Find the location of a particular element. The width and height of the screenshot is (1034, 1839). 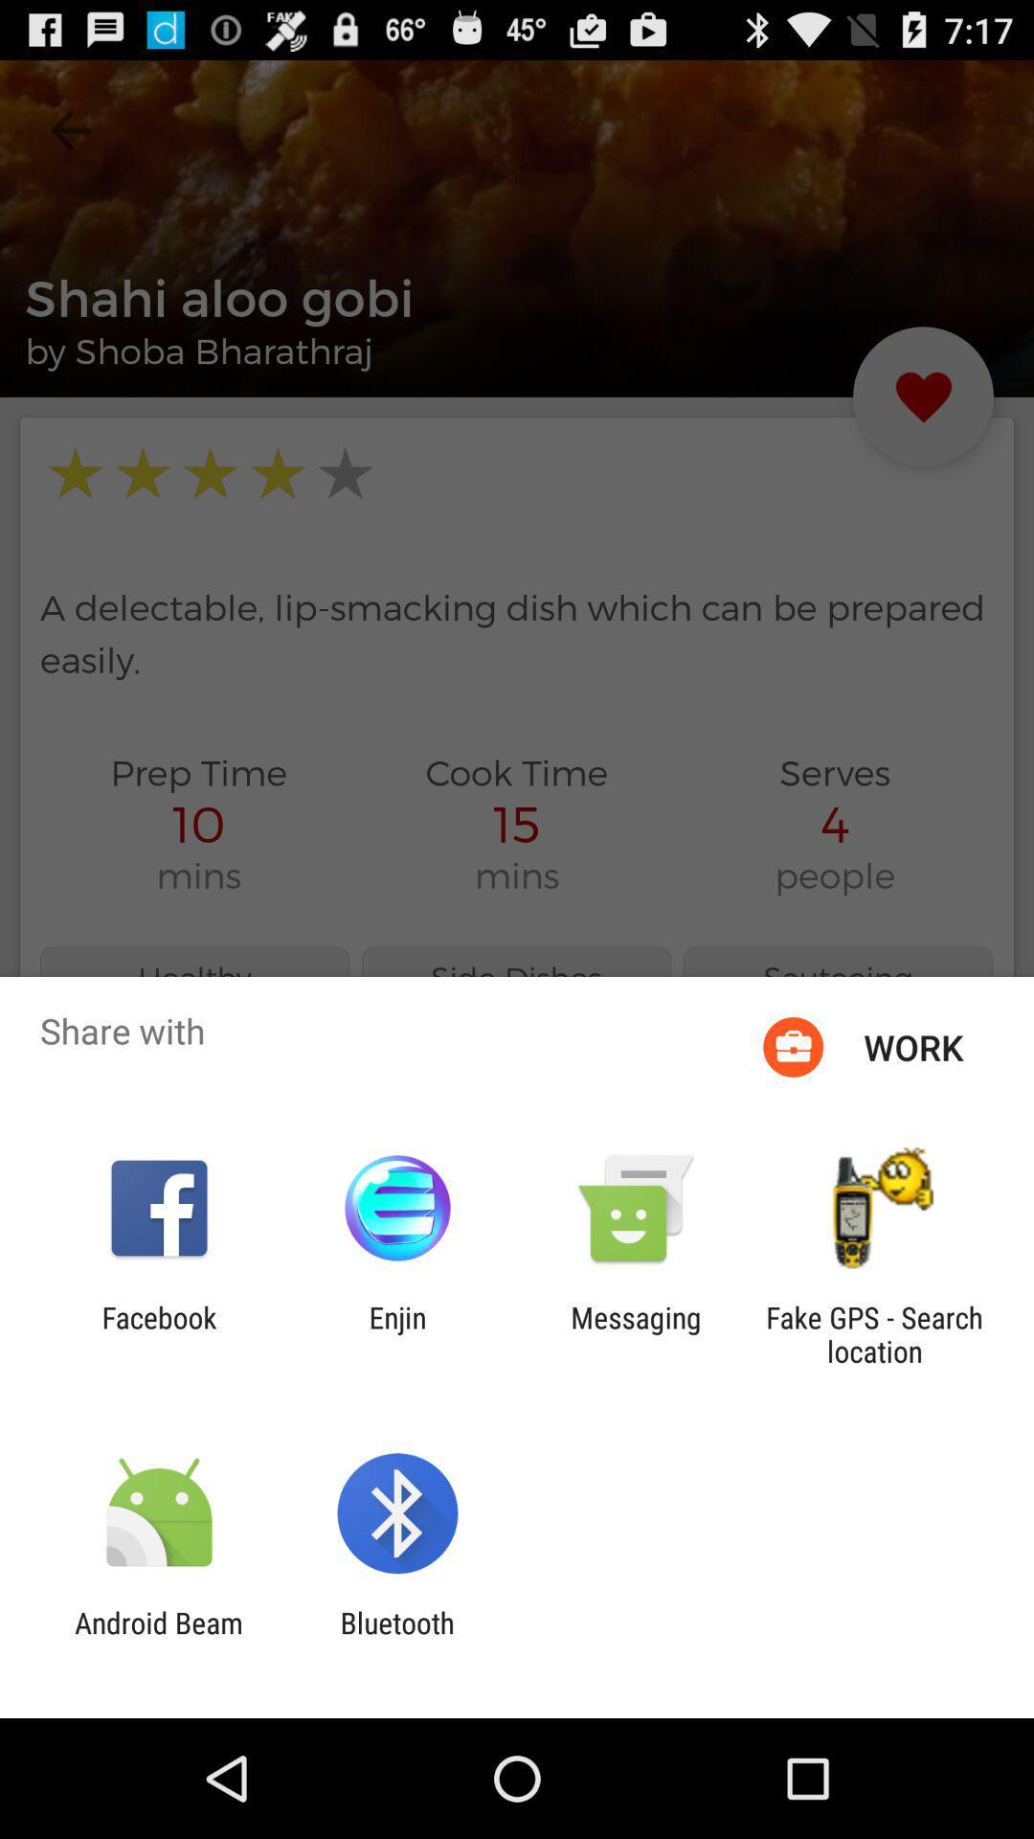

app next to the enjin app is located at coordinates (158, 1333).